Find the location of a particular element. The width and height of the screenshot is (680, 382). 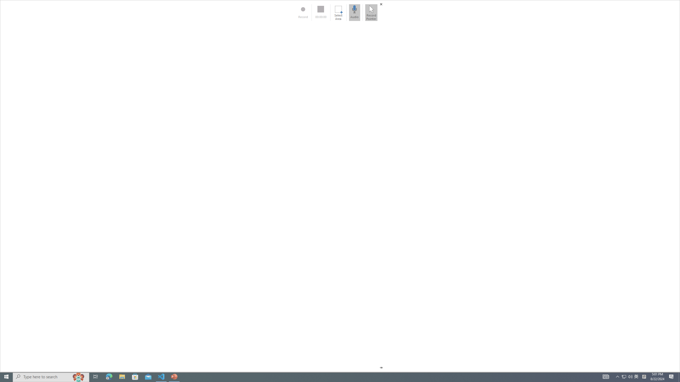

'Select Area' is located at coordinates (338, 12).